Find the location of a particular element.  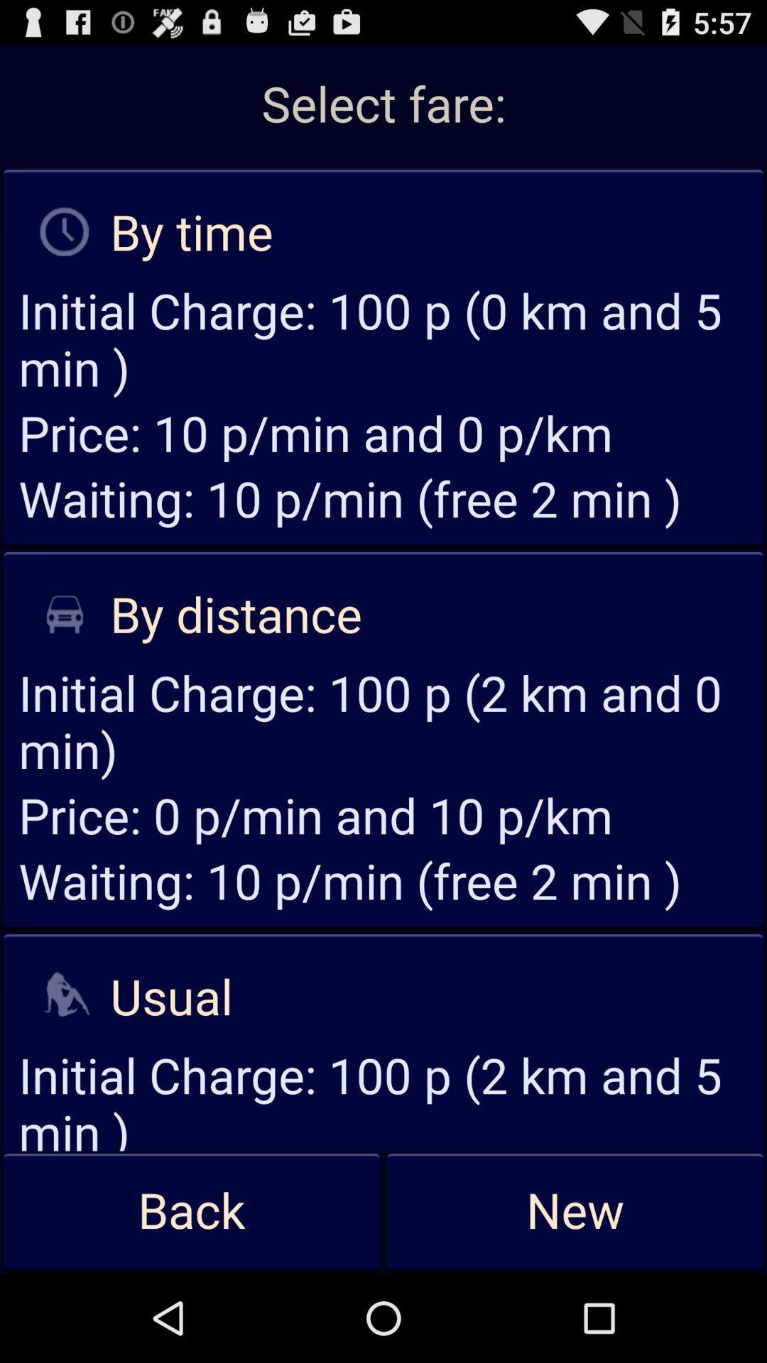

the back icon is located at coordinates (192, 1211).